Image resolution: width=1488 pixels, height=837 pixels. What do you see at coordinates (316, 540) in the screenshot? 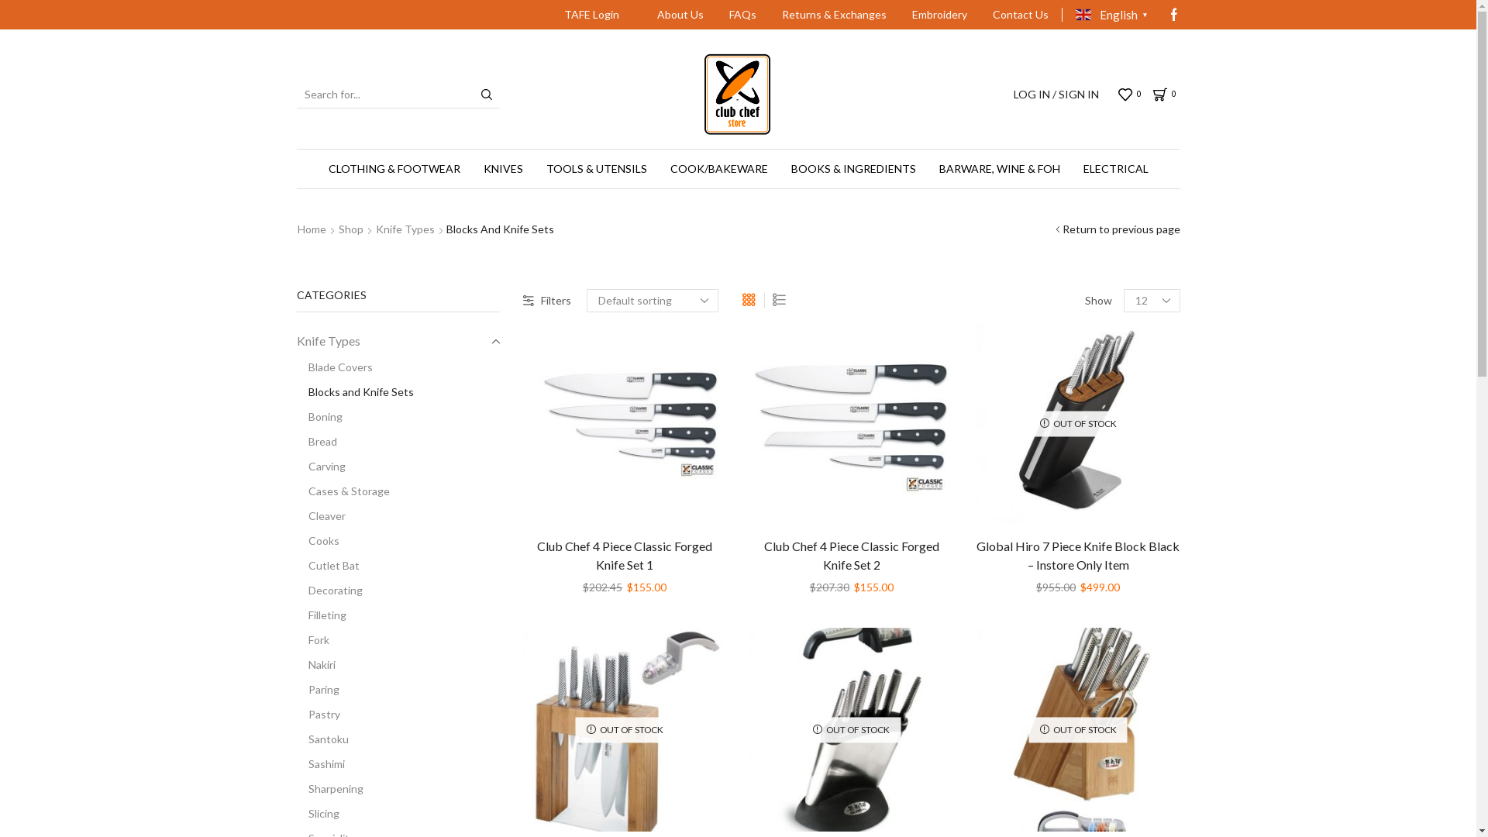
I see `'Cooks'` at bounding box center [316, 540].